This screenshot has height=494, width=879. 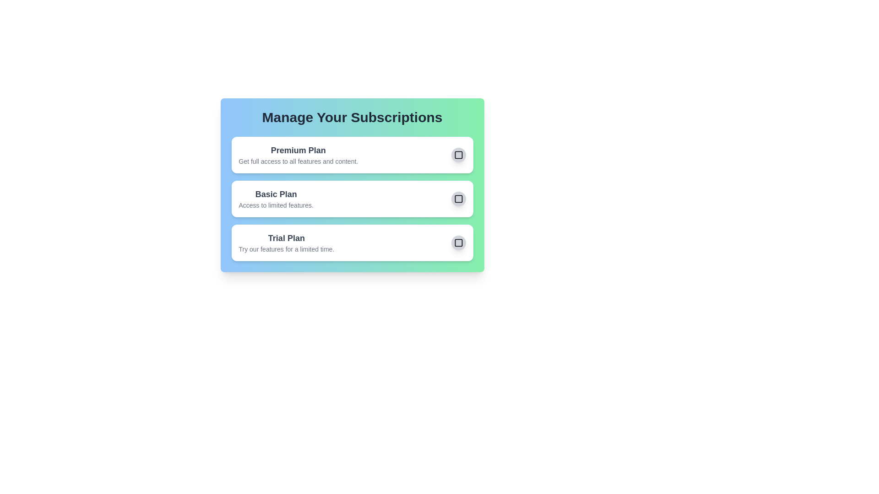 I want to click on the 'Basic Plan' subscription option text label and its description, which is positioned in the middle of a vertically stacked block within the subscription management interface, specifically below the 'Premium Plan' section and above the 'Trial Plan' section, so click(x=276, y=199).